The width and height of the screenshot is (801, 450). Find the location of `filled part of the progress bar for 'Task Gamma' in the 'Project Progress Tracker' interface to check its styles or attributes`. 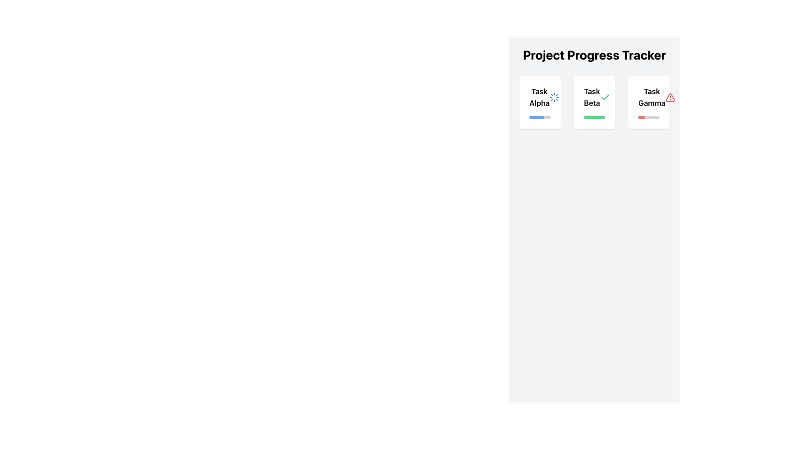

filled part of the progress bar for 'Task Gamma' in the 'Project Progress Tracker' interface to check its styles or attributes is located at coordinates (641, 117).